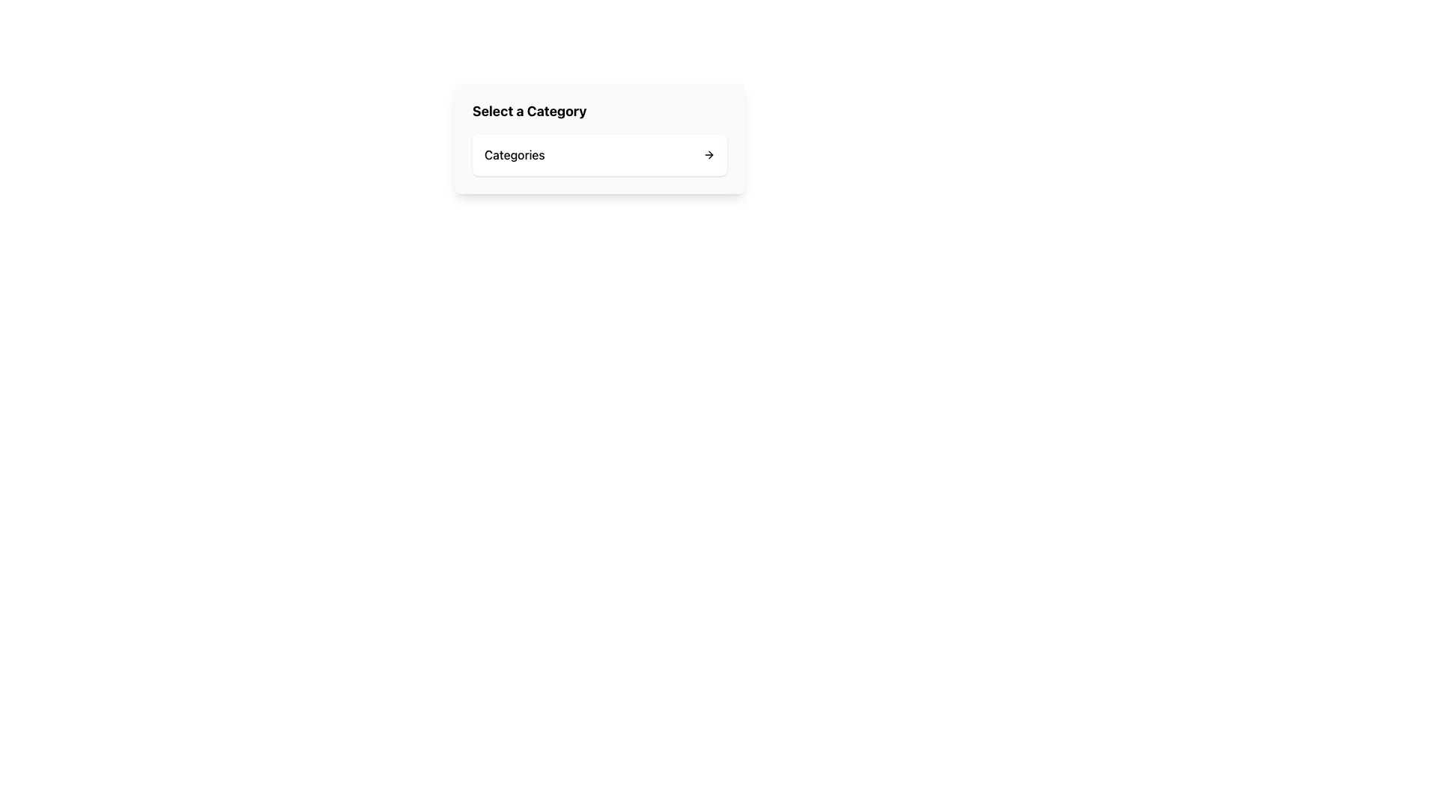  Describe the element at coordinates (708, 155) in the screenshot. I see `the arrow icon located to the far right of the 'Categories' button` at that location.